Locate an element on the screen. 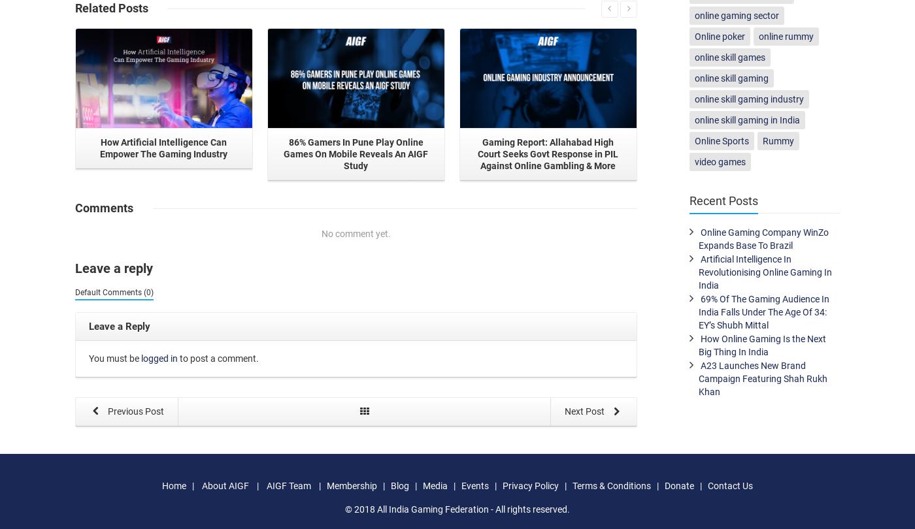  'A23 Launches New Brand Campaign Featuring Shah Rukh Khan' is located at coordinates (763, 378).